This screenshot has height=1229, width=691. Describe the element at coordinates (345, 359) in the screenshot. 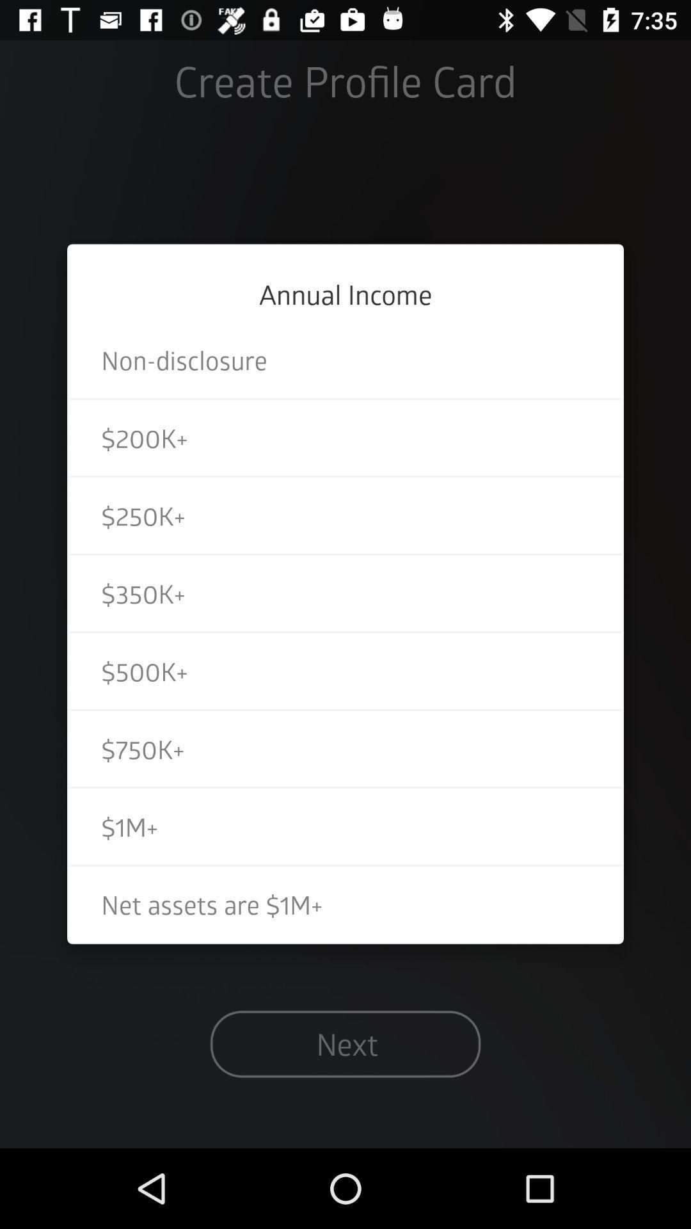

I see `the icon above $200k+ item` at that location.